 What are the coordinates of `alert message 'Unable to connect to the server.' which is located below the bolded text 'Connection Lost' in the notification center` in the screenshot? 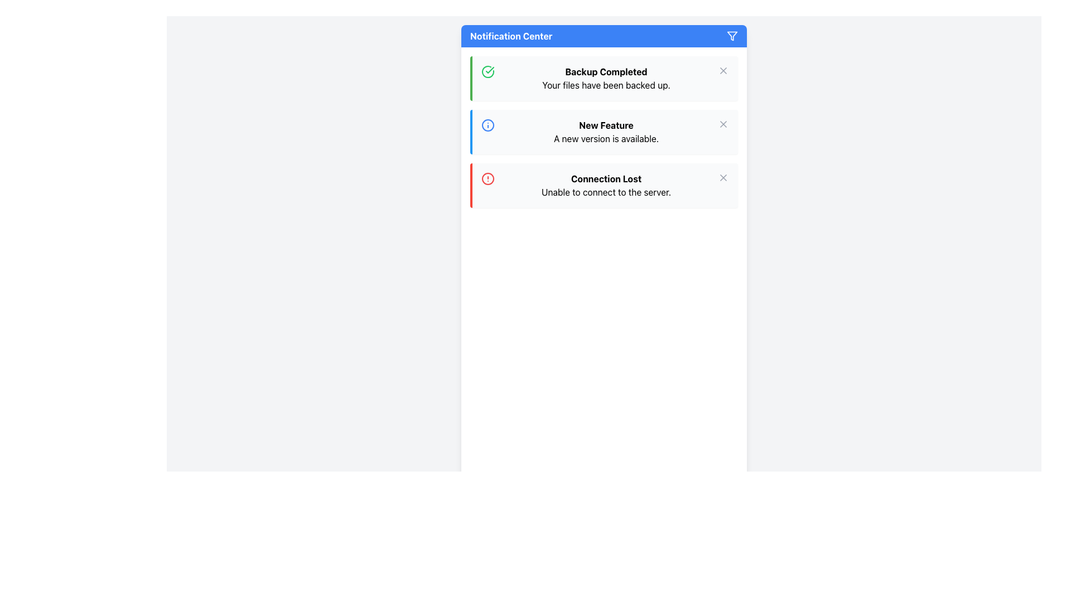 It's located at (605, 191).